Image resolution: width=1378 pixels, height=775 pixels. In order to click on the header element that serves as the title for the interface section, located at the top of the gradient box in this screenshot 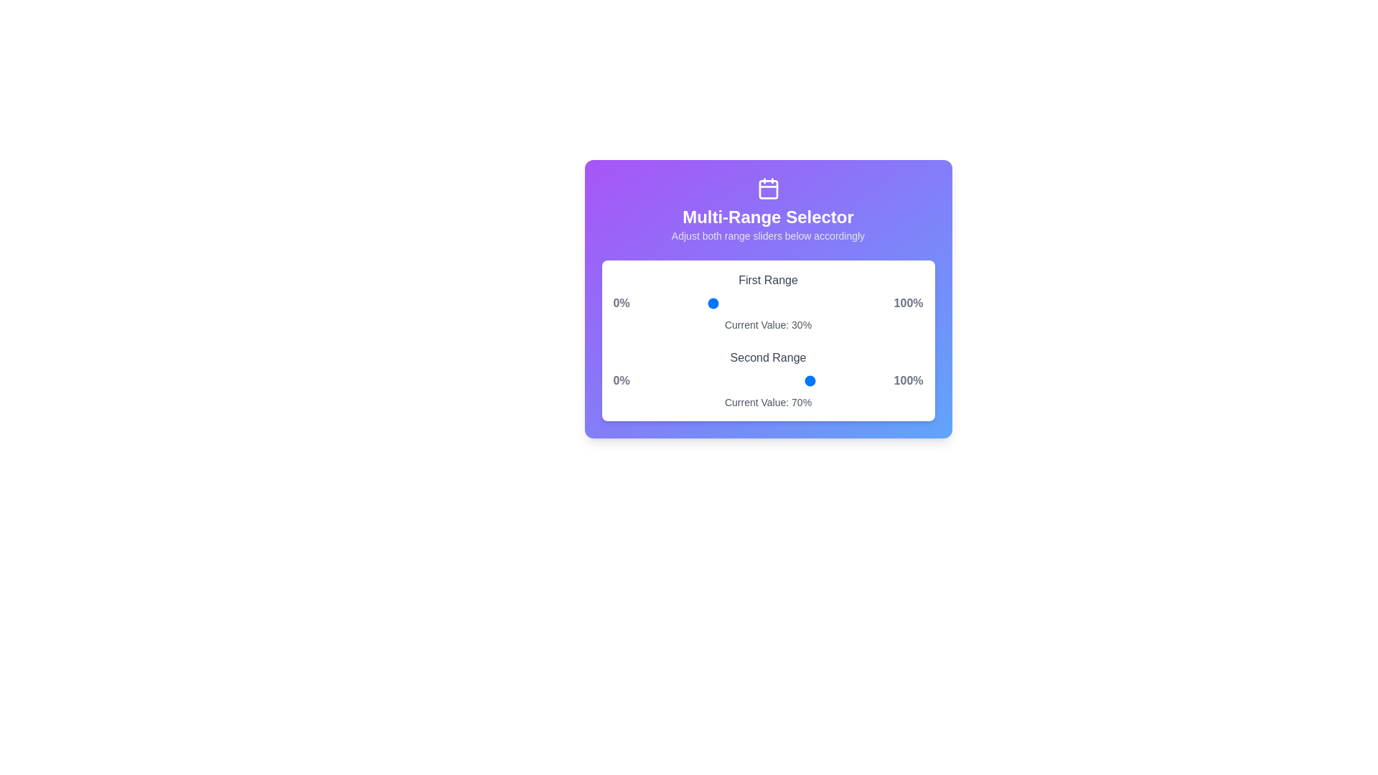, I will do `click(767, 210)`.